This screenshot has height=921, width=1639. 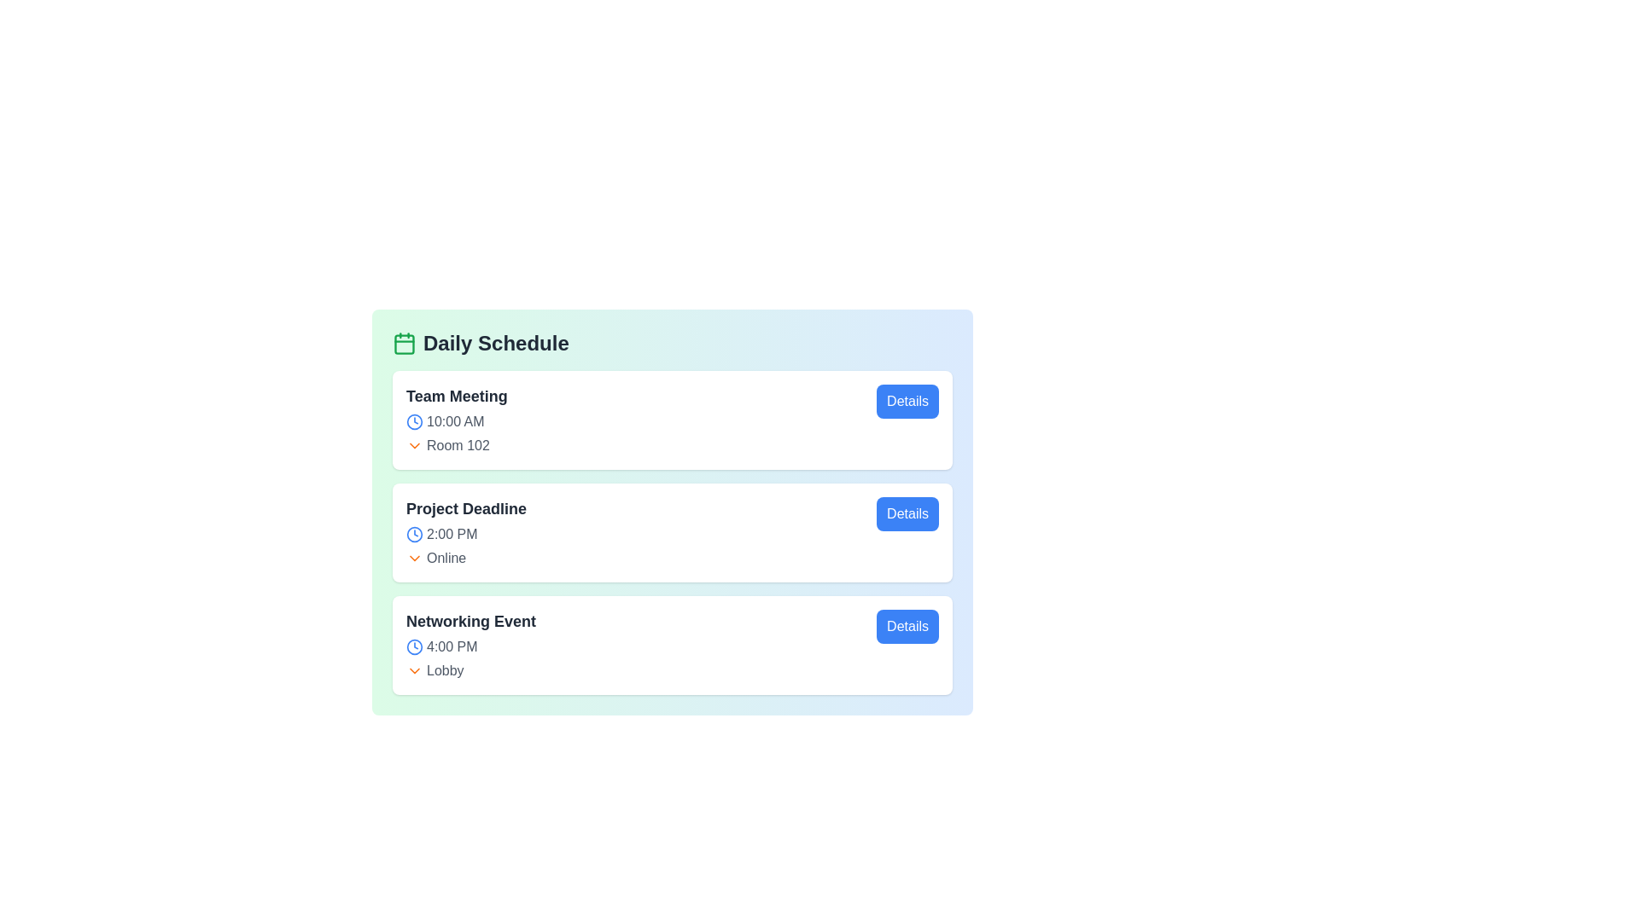 I want to click on text 'Project Deadline' from the Text Label that serves as a title for the schedule item, located above the '2:00 PM' time indicator and 'Online' location text in the second section of the schedule, so click(x=466, y=508).